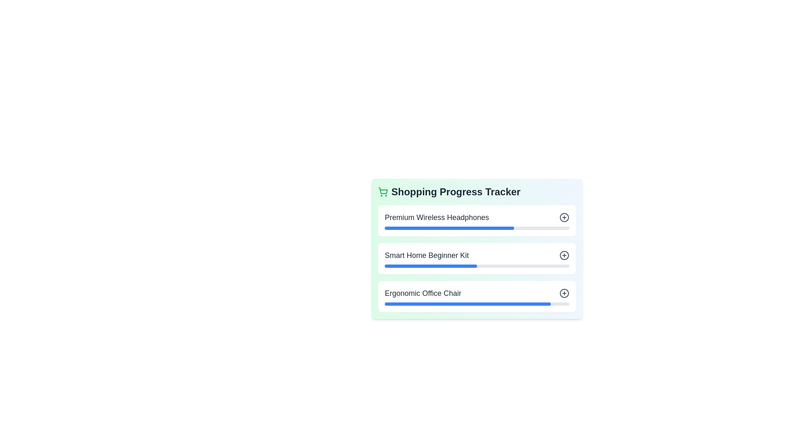  I want to click on text label that serves as a header for the shopping progress tracking section, located in the upper part of the main content area, positioned above a list of progress bars, so click(455, 192).